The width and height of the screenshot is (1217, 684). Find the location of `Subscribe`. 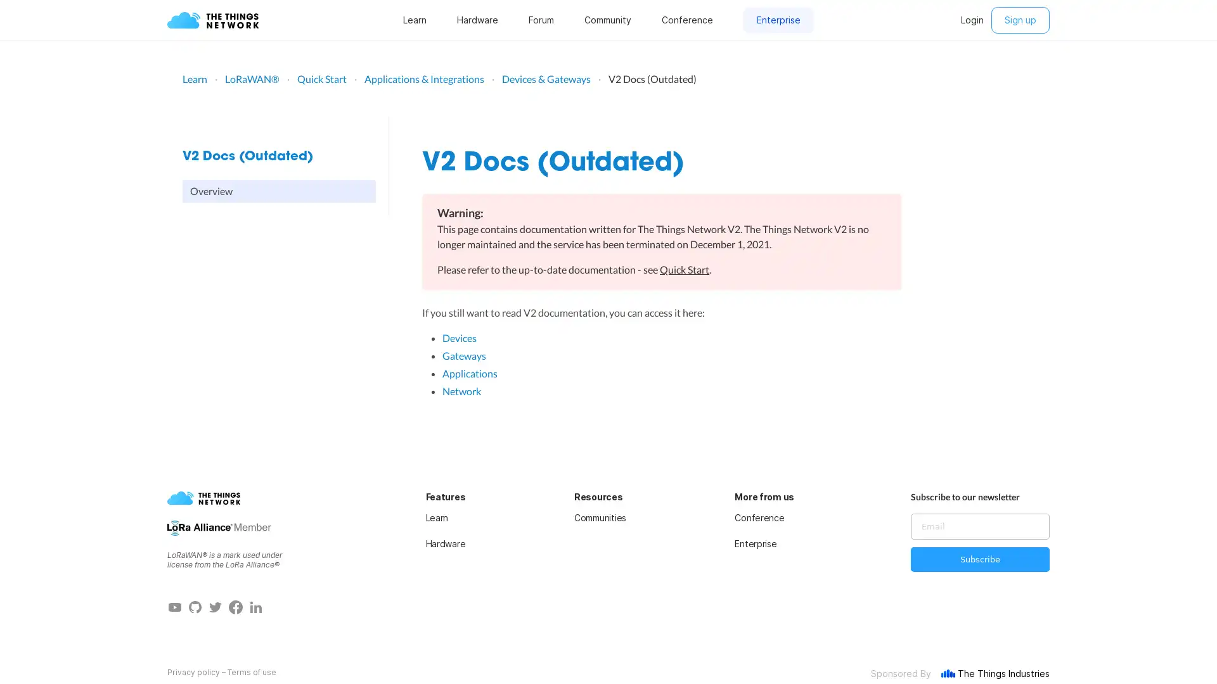

Subscribe is located at coordinates (979, 559).